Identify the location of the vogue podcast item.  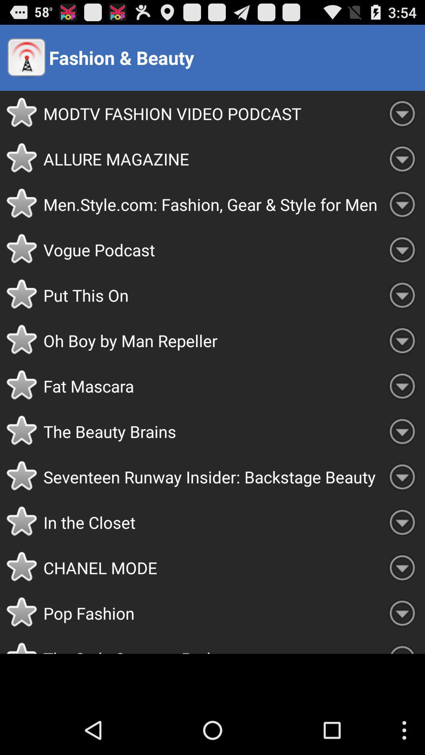
(211, 249).